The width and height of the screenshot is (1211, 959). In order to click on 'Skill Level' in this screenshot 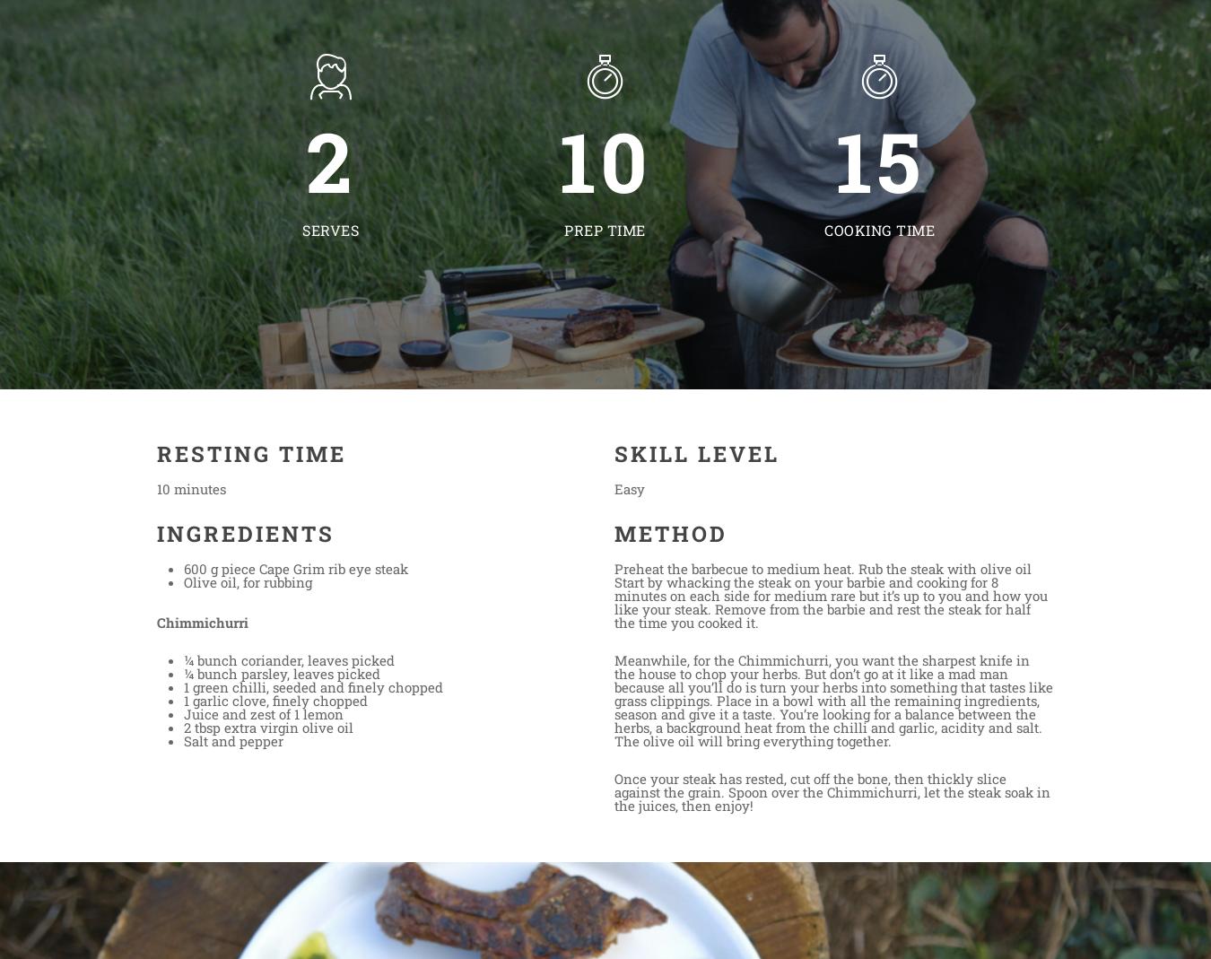, I will do `click(613, 452)`.